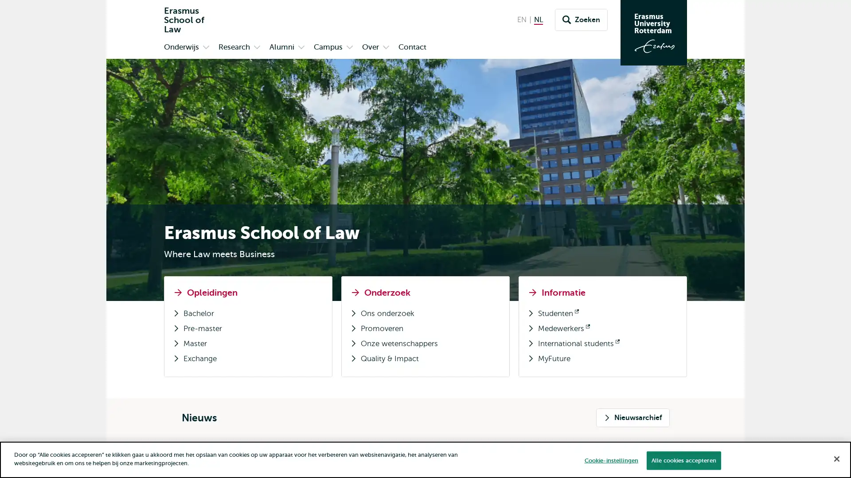  I want to click on Open submenu, so click(257, 48).